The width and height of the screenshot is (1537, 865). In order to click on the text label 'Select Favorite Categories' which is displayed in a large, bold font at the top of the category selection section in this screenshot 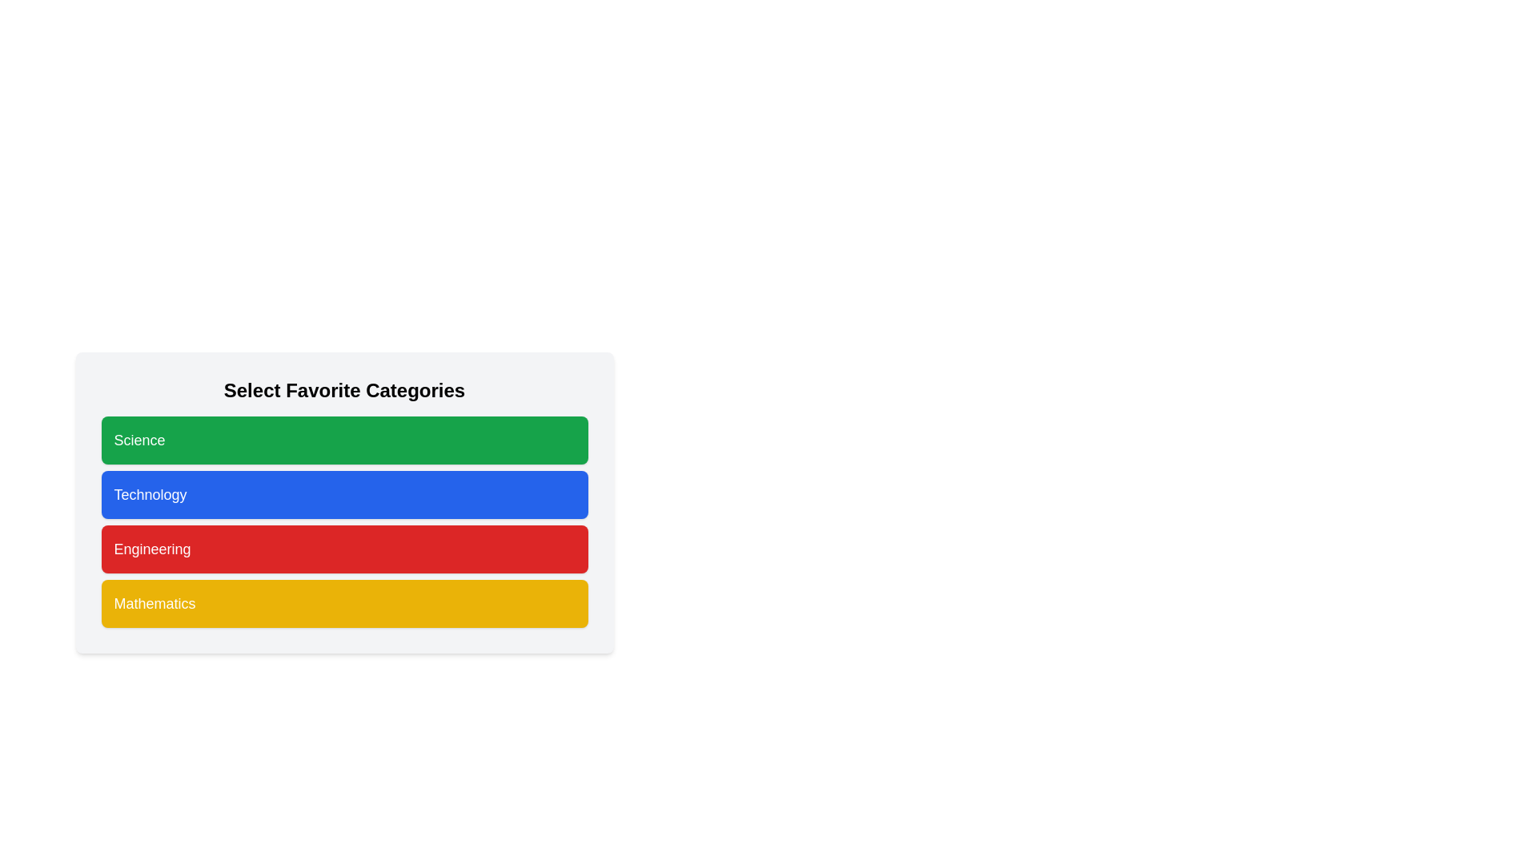, I will do `click(343, 391)`.